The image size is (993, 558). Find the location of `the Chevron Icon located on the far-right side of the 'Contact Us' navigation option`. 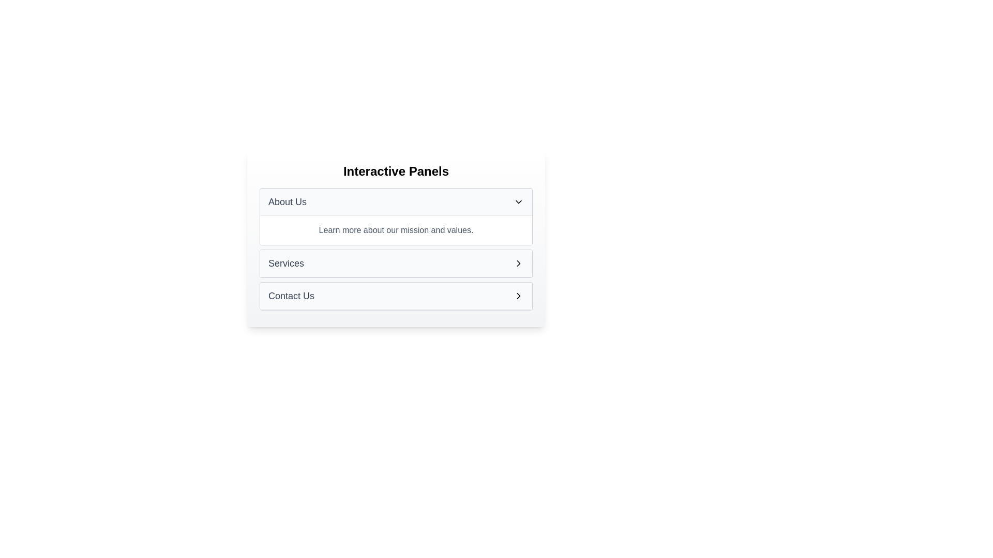

the Chevron Icon located on the far-right side of the 'Contact Us' navigation option is located at coordinates (519, 296).